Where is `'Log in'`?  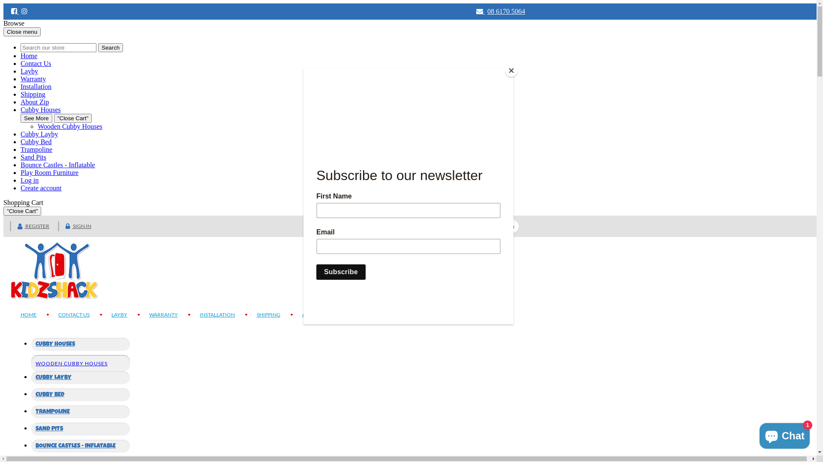
'Log in' is located at coordinates (29, 180).